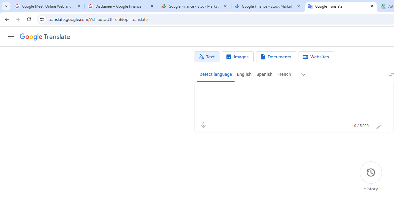 The width and height of the screenshot is (394, 221). What do you see at coordinates (264, 74) in the screenshot?
I see `'Spanish'` at bounding box center [264, 74].